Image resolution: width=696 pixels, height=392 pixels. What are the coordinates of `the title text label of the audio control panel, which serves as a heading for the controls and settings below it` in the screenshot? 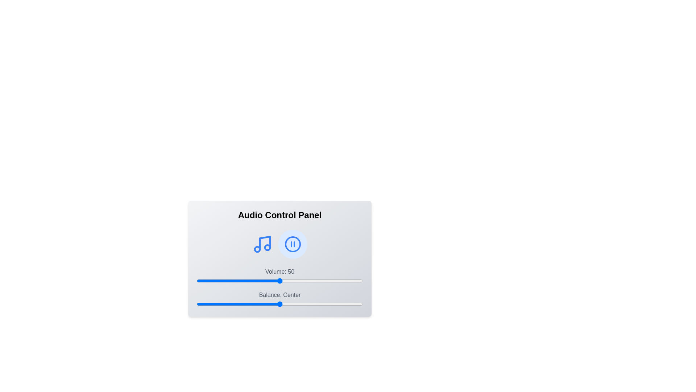 It's located at (279, 215).